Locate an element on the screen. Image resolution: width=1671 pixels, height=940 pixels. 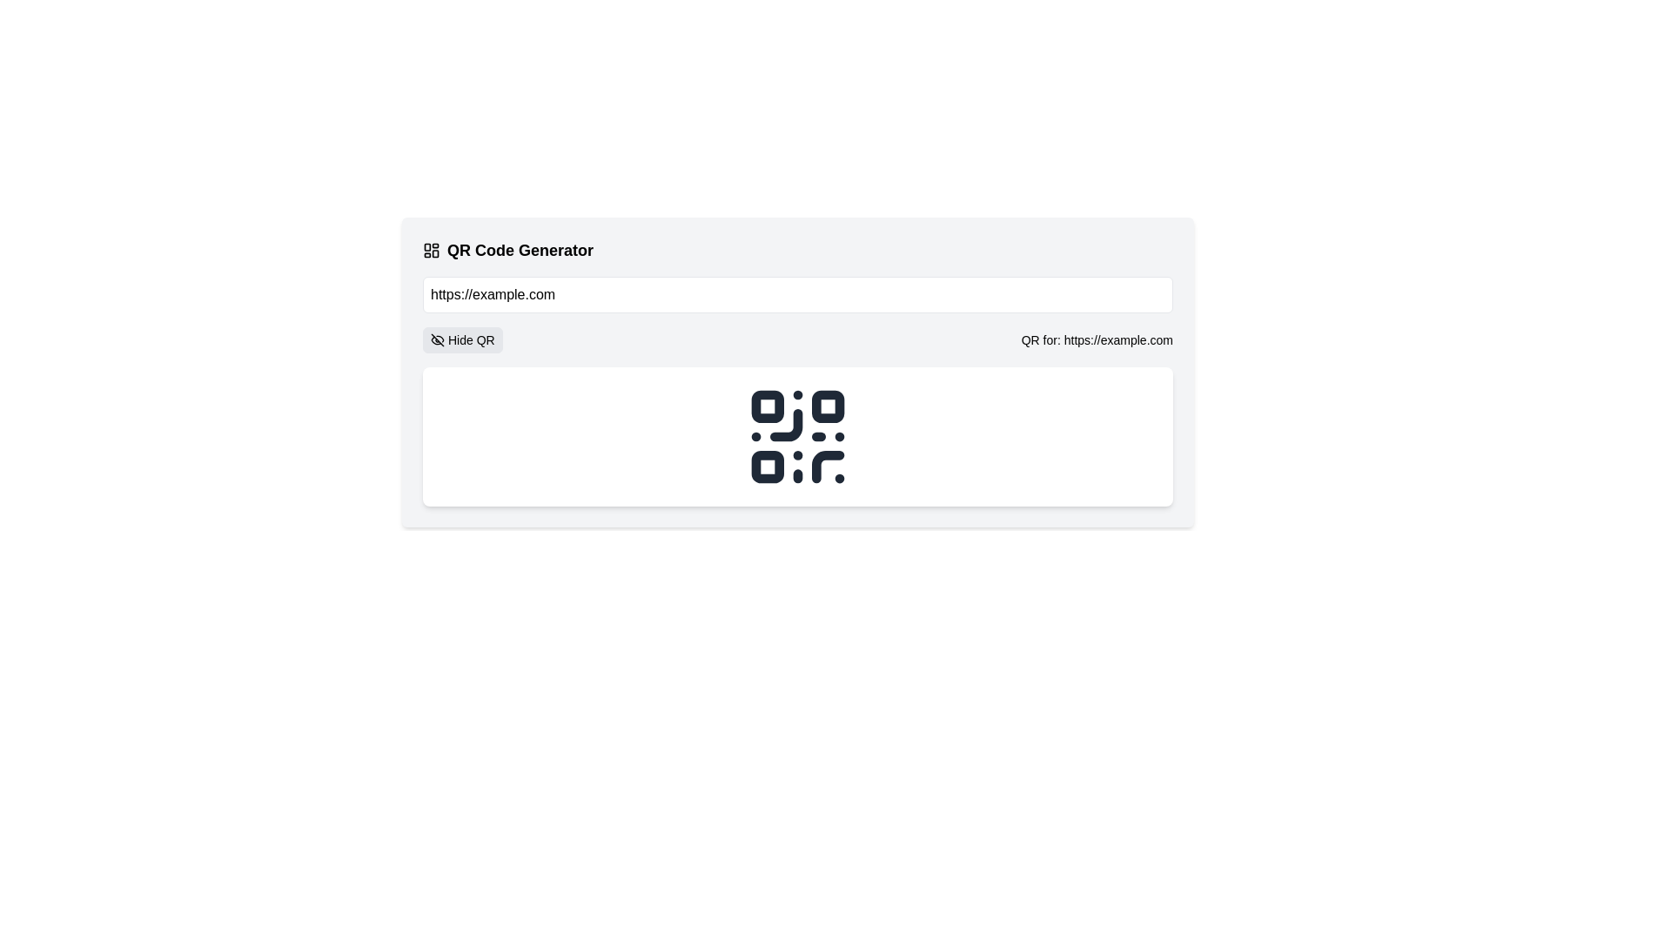
the button with the eye-off icon and 'Hide QR' text to observe hover effects is located at coordinates (462, 339).